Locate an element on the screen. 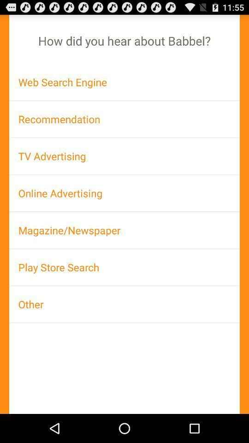  play store search is located at coordinates (125, 267).